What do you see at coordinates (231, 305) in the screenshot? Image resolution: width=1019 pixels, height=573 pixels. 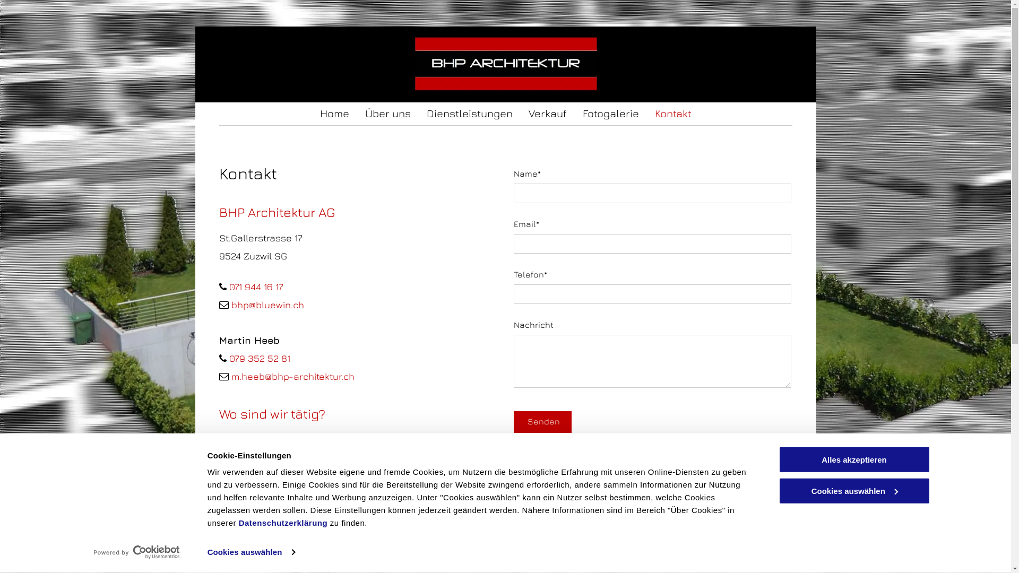 I see `'bhp@bluewin.ch'` at bounding box center [231, 305].